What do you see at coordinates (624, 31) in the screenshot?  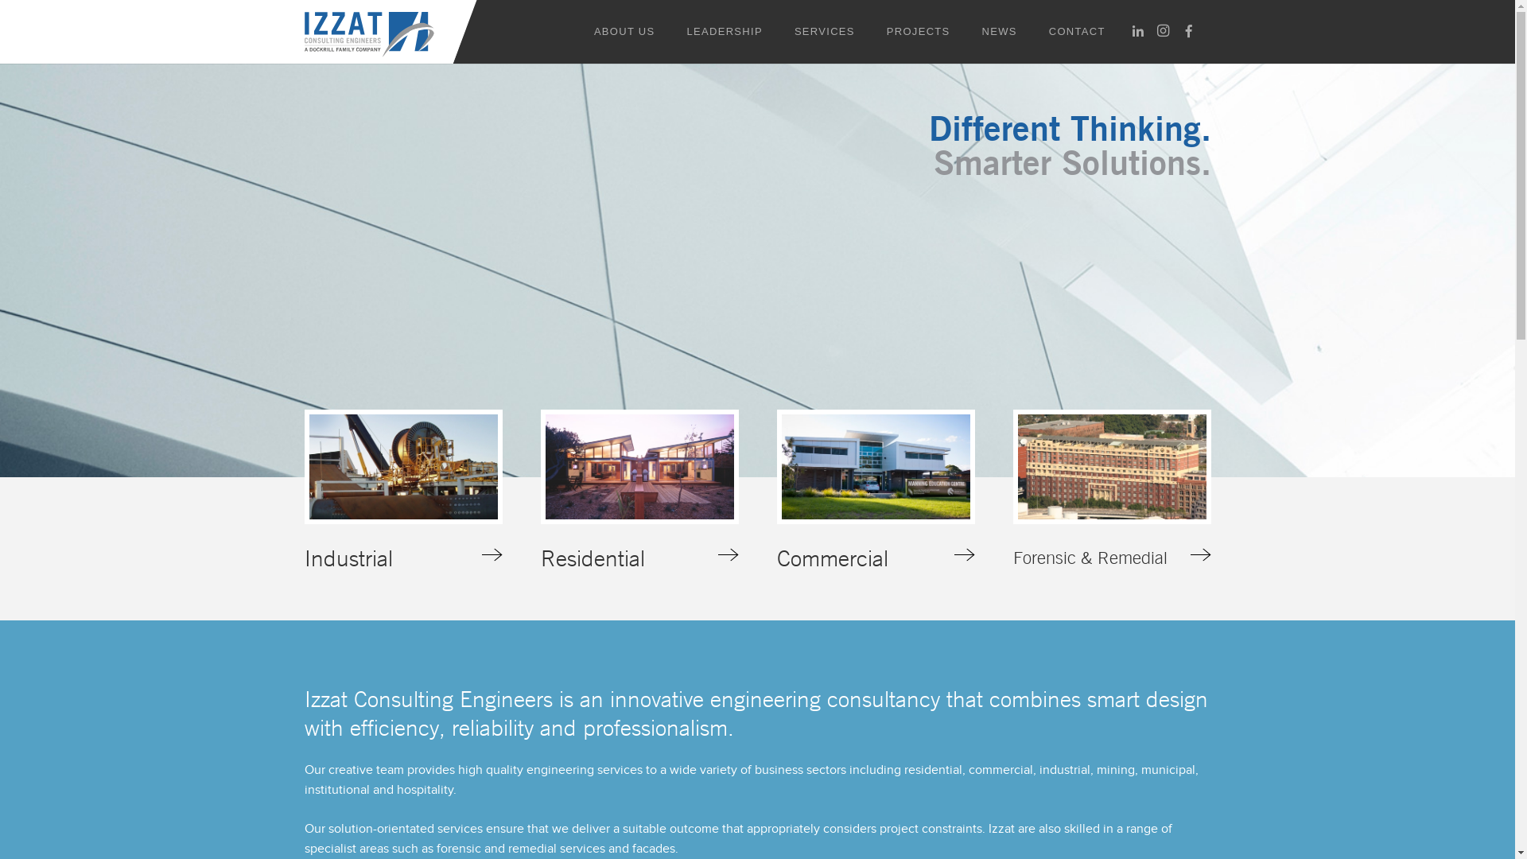 I see `'ABOUT US'` at bounding box center [624, 31].